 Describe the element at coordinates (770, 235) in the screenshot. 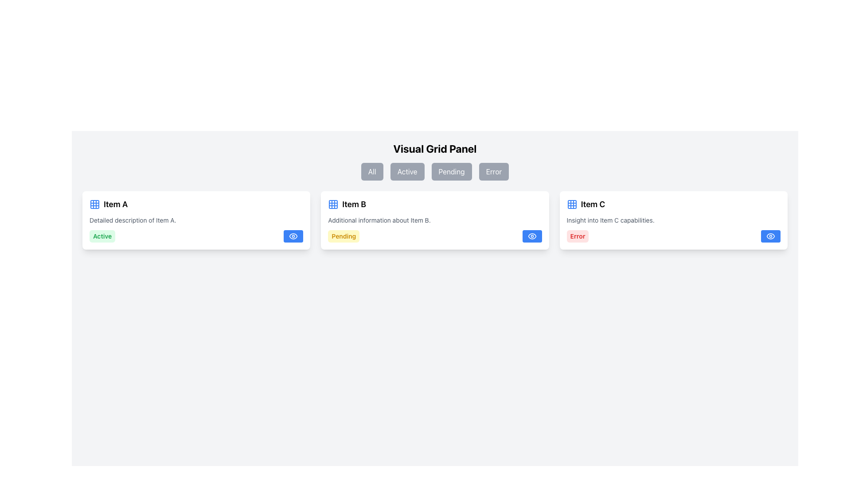

I see `the blue button with rounded corners and an eye icon centered within it, located` at that location.